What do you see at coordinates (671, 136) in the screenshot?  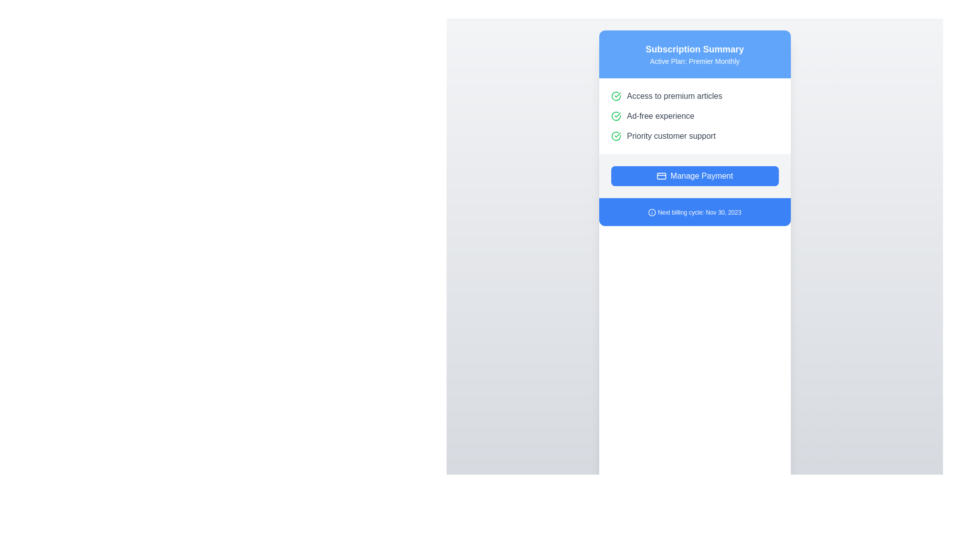 I see `the informational text label that describes priority customer support, located in the third row of the subscription benefits list, between 'Ad-free experience' and the 'Manage Payment' button` at bounding box center [671, 136].